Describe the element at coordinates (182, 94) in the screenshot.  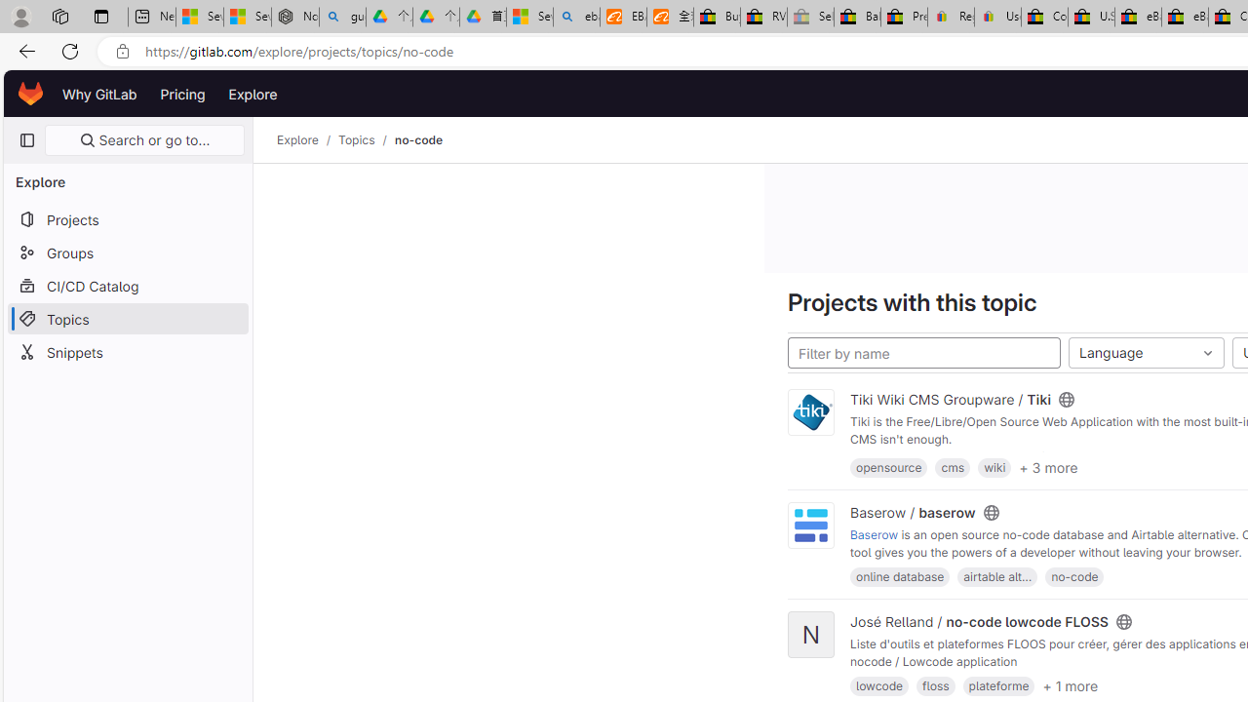
I see `'Pricing'` at that location.